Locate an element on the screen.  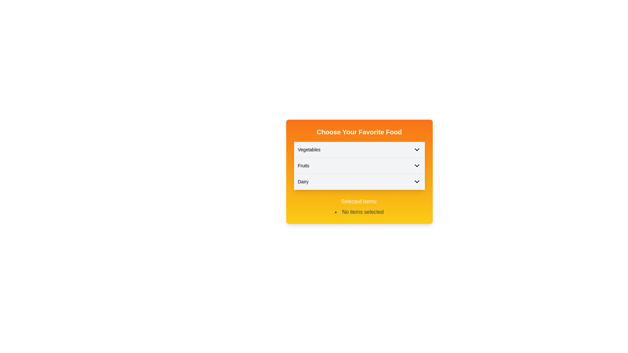
displayed text in the text display area located at the bottom of the colorful card, which shows the summary of the user's current selections from the dropdown lists above is located at coordinates (359, 207).